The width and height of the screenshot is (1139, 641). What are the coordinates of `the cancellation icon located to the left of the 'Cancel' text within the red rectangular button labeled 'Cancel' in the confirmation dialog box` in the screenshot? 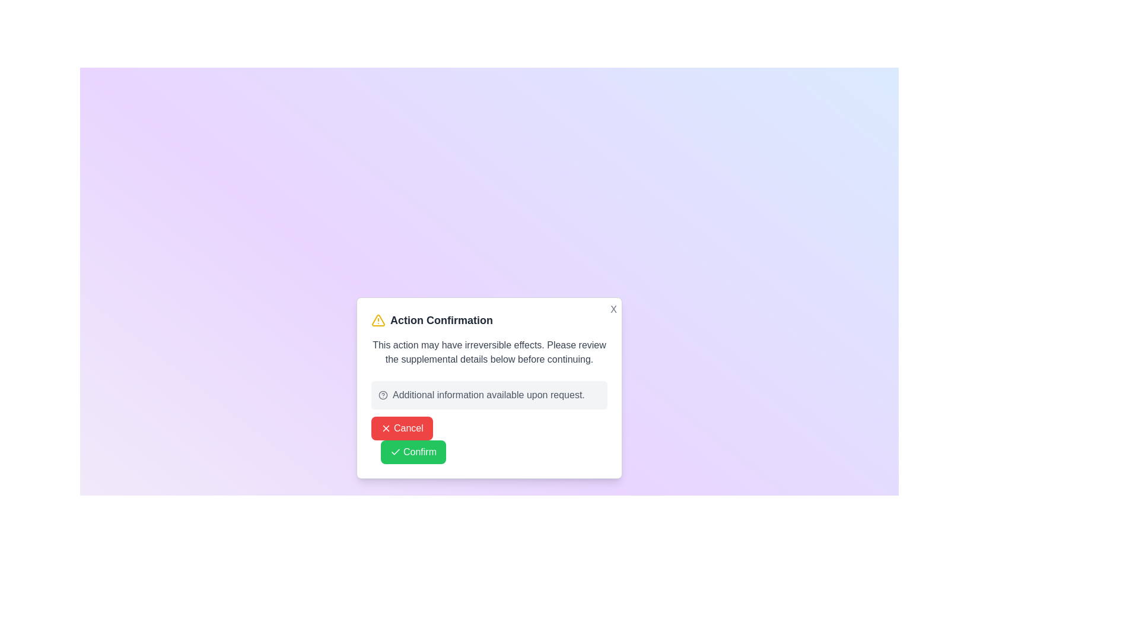 It's located at (386, 428).